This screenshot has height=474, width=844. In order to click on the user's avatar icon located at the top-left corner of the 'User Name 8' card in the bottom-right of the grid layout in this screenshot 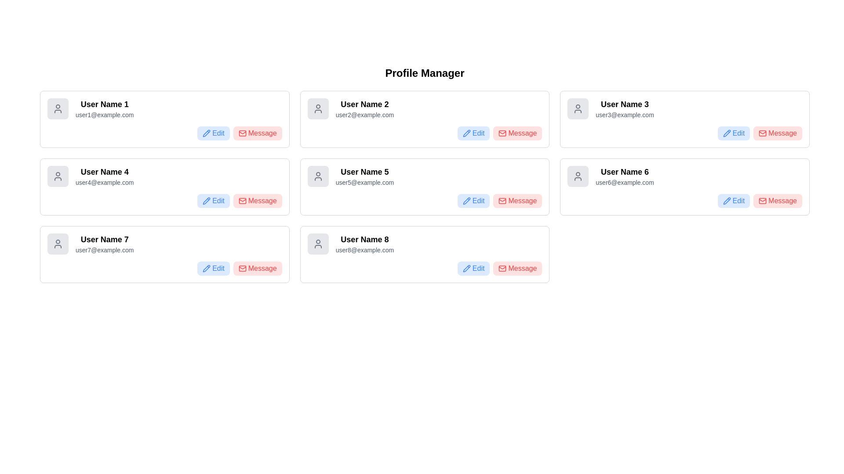, I will do `click(317, 244)`.